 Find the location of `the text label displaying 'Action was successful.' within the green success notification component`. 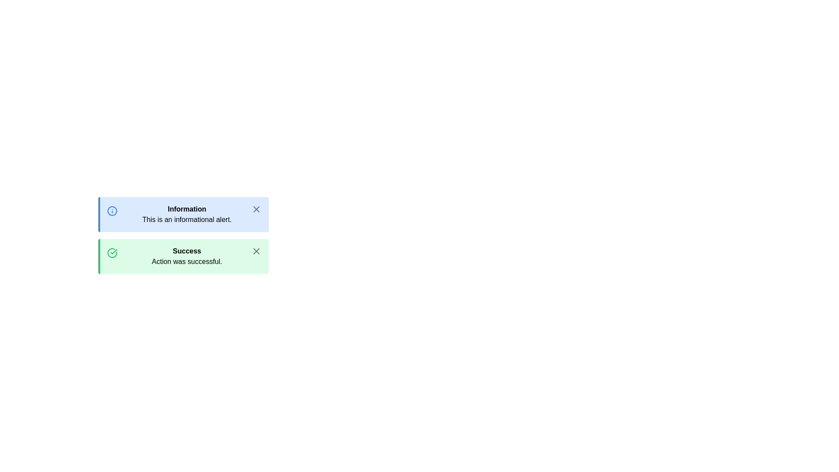

the text label displaying 'Action was successful.' within the green success notification component is located at coordinates (186, 261).